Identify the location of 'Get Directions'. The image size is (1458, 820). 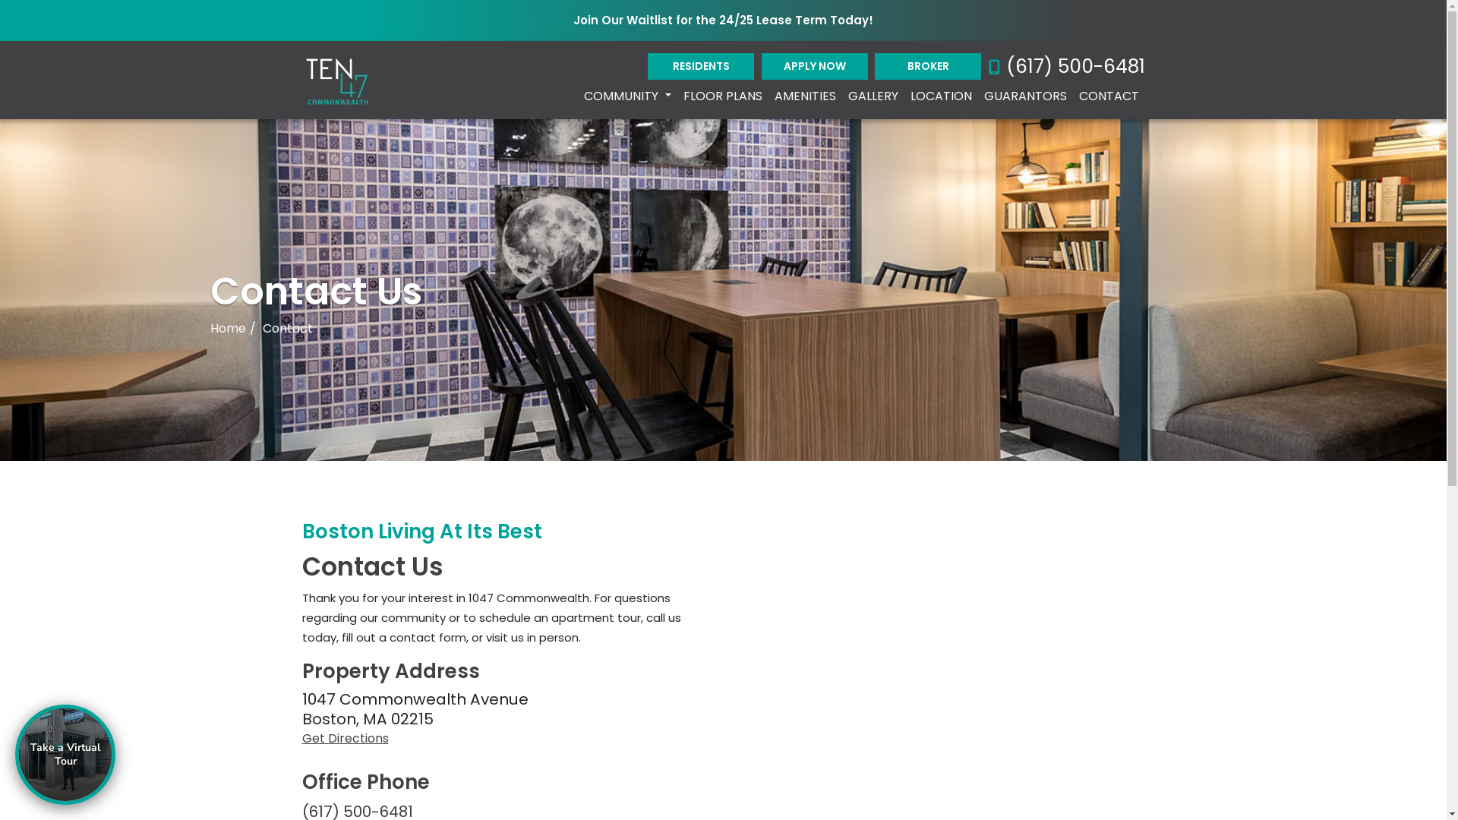
(507, 737).